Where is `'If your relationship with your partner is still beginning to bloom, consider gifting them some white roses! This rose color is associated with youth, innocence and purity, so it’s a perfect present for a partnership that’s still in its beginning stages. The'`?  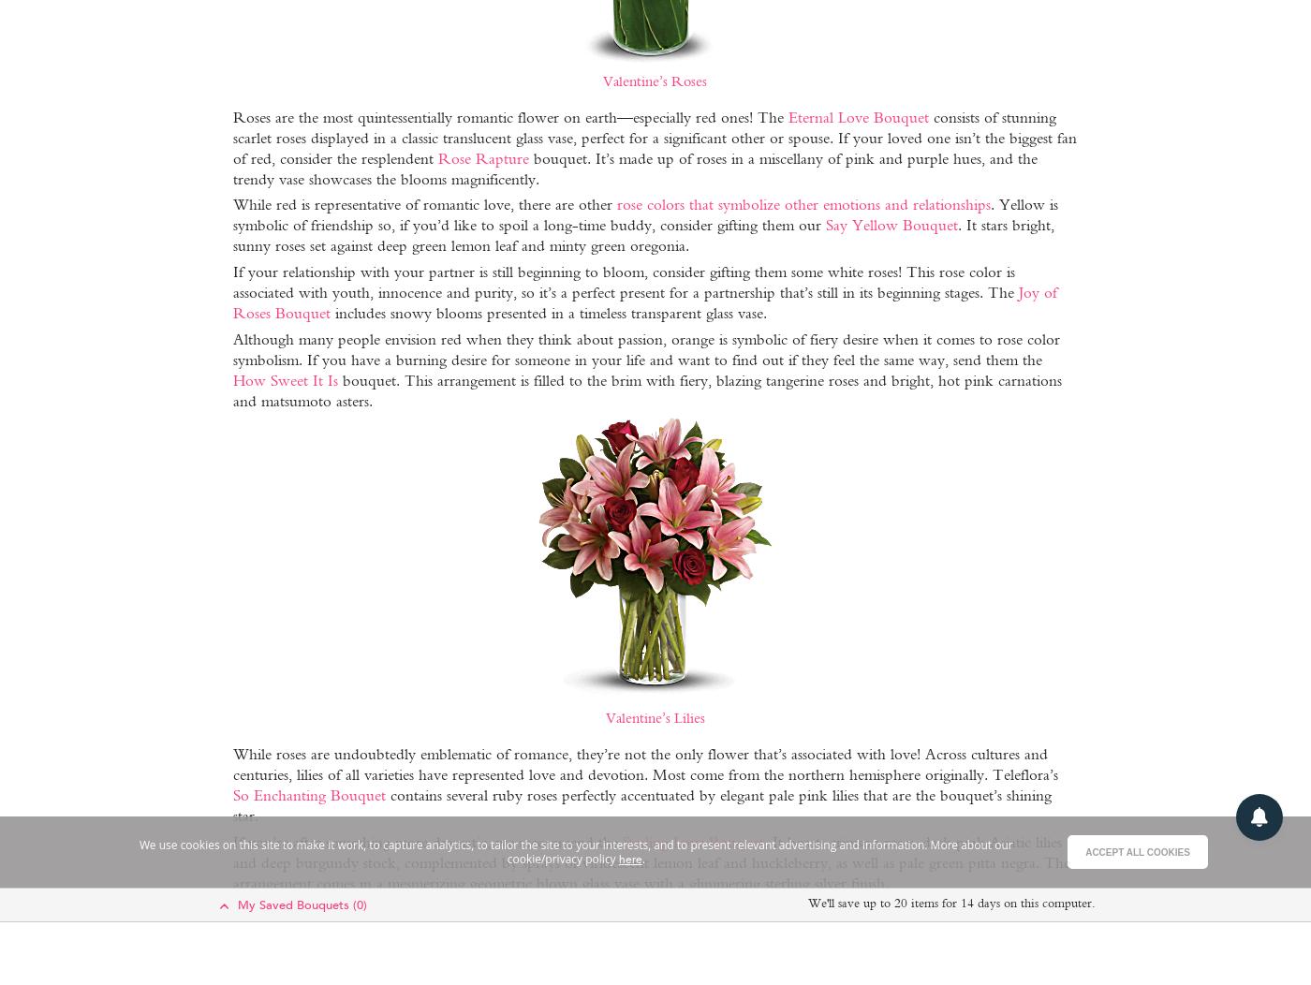 'If your relationship with your partner is still beginning to bloom, consider gifting them some white roses! This rose color is associated with youth, innocence and purity, so it’s a perfect present for a partnership that’s still in its beginning stages. The' is located at coordinates (231, 281).